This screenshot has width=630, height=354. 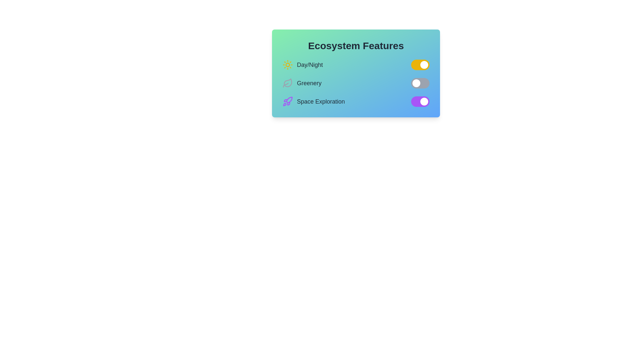 What do you see at coordinates (288, 82) in the screenshot?
I see `the leaf icon element in the 'Greenery' row of the 'Ecosystem Features' panel` at bounding box center [288, 82].